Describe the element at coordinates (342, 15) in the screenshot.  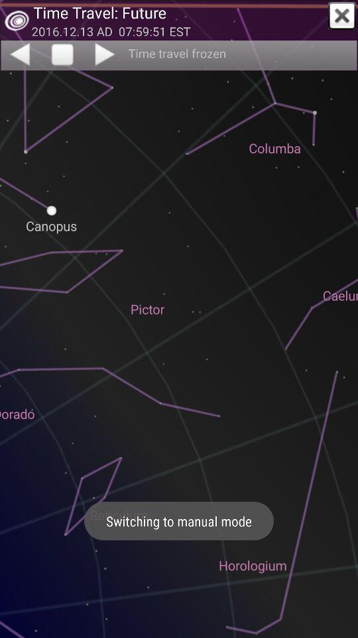
I see `screen` at that location.